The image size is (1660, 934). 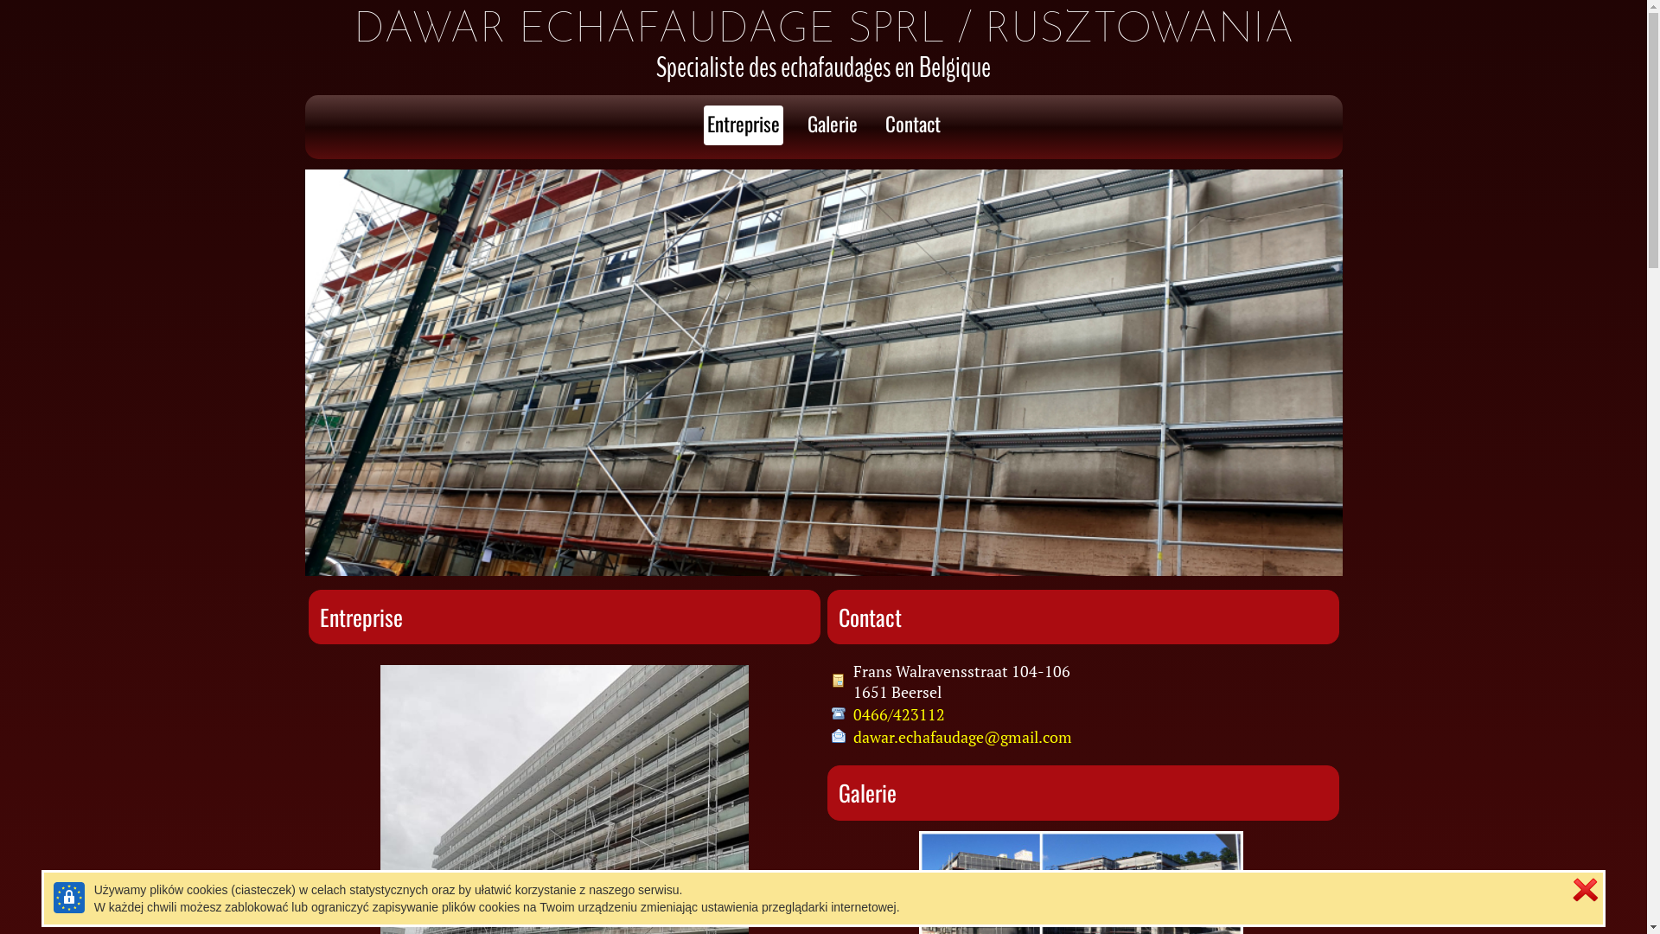 What do you see at coordinates (912, 125) in the screenshot?
I see `'Contact'` at bounding box center [912, 125].